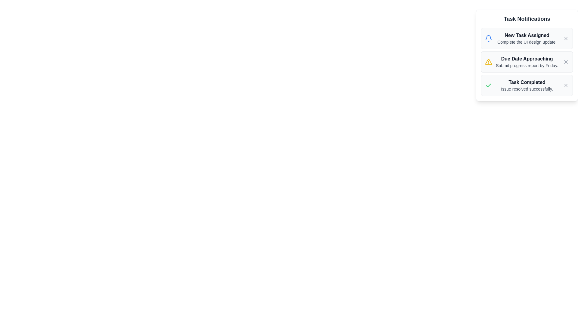 The height and width of the screenshot is (325, 578). What do you see at coordinates (489, 85) in the screenshot?
I see `the checkmark icon with a green outline and transparent fill located within the 'Task Completed' notification block` at bounding box center [489, 85].